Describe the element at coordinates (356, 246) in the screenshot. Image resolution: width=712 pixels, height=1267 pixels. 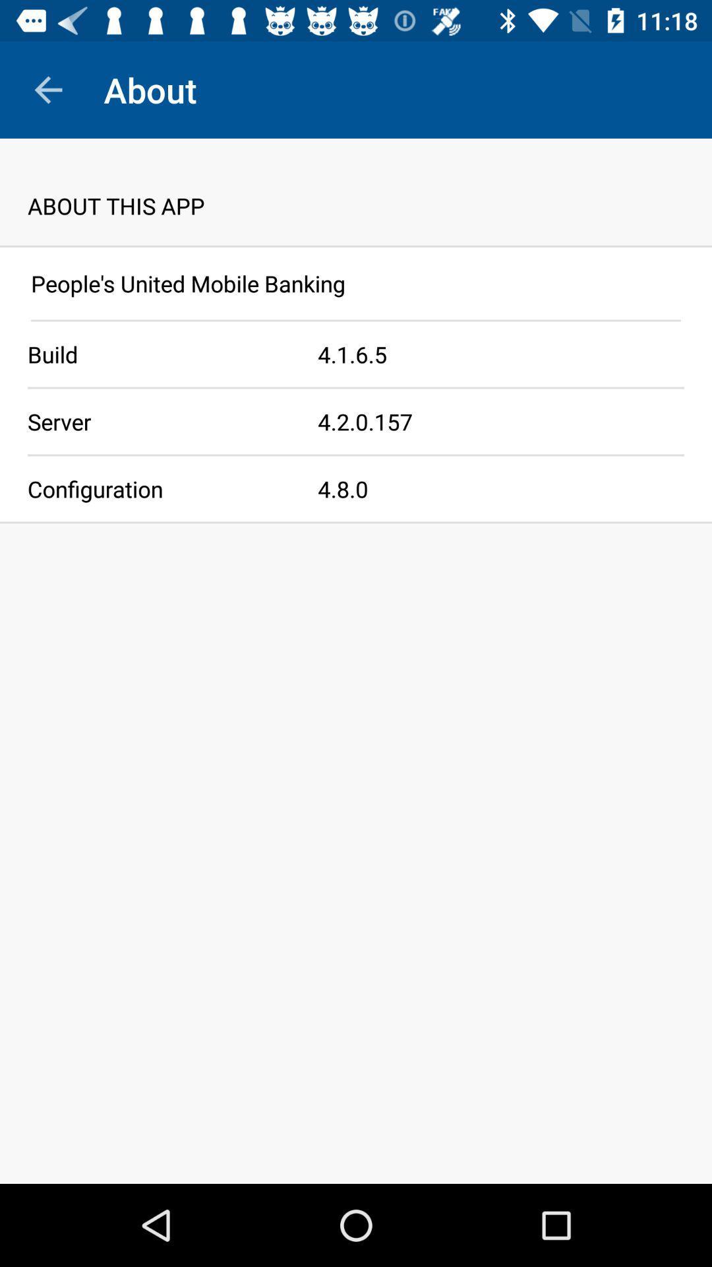
I see `icon above the people s united` at that location.